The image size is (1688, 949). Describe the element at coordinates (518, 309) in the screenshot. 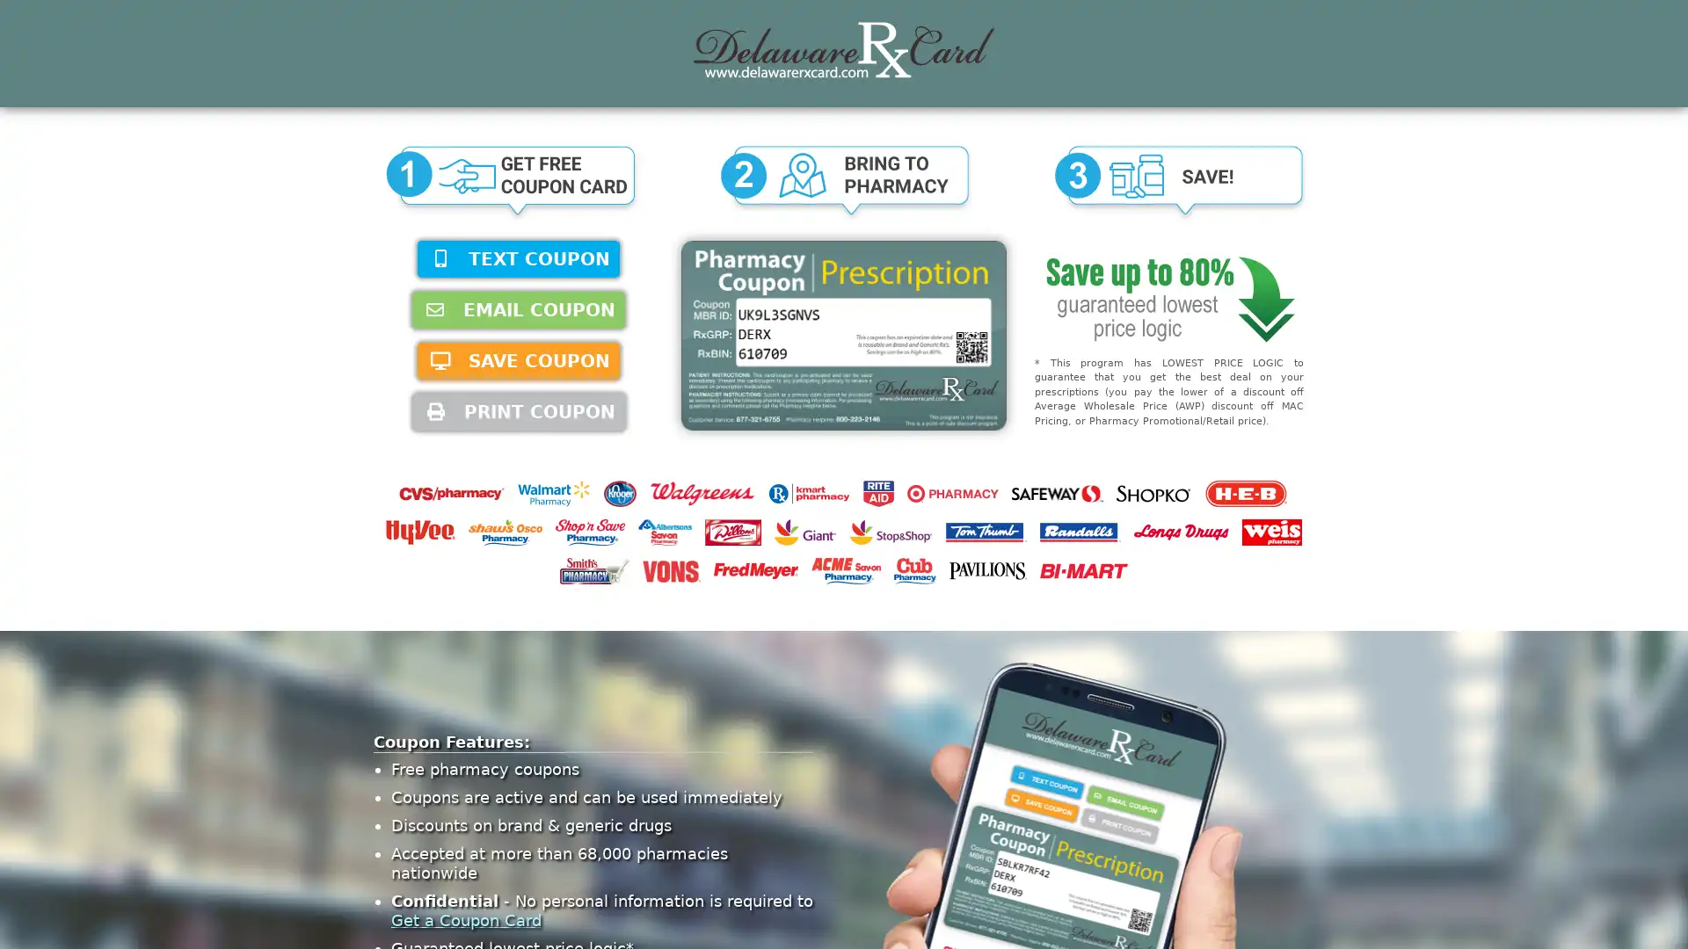

I see `EMAIL COUPON` at that location.